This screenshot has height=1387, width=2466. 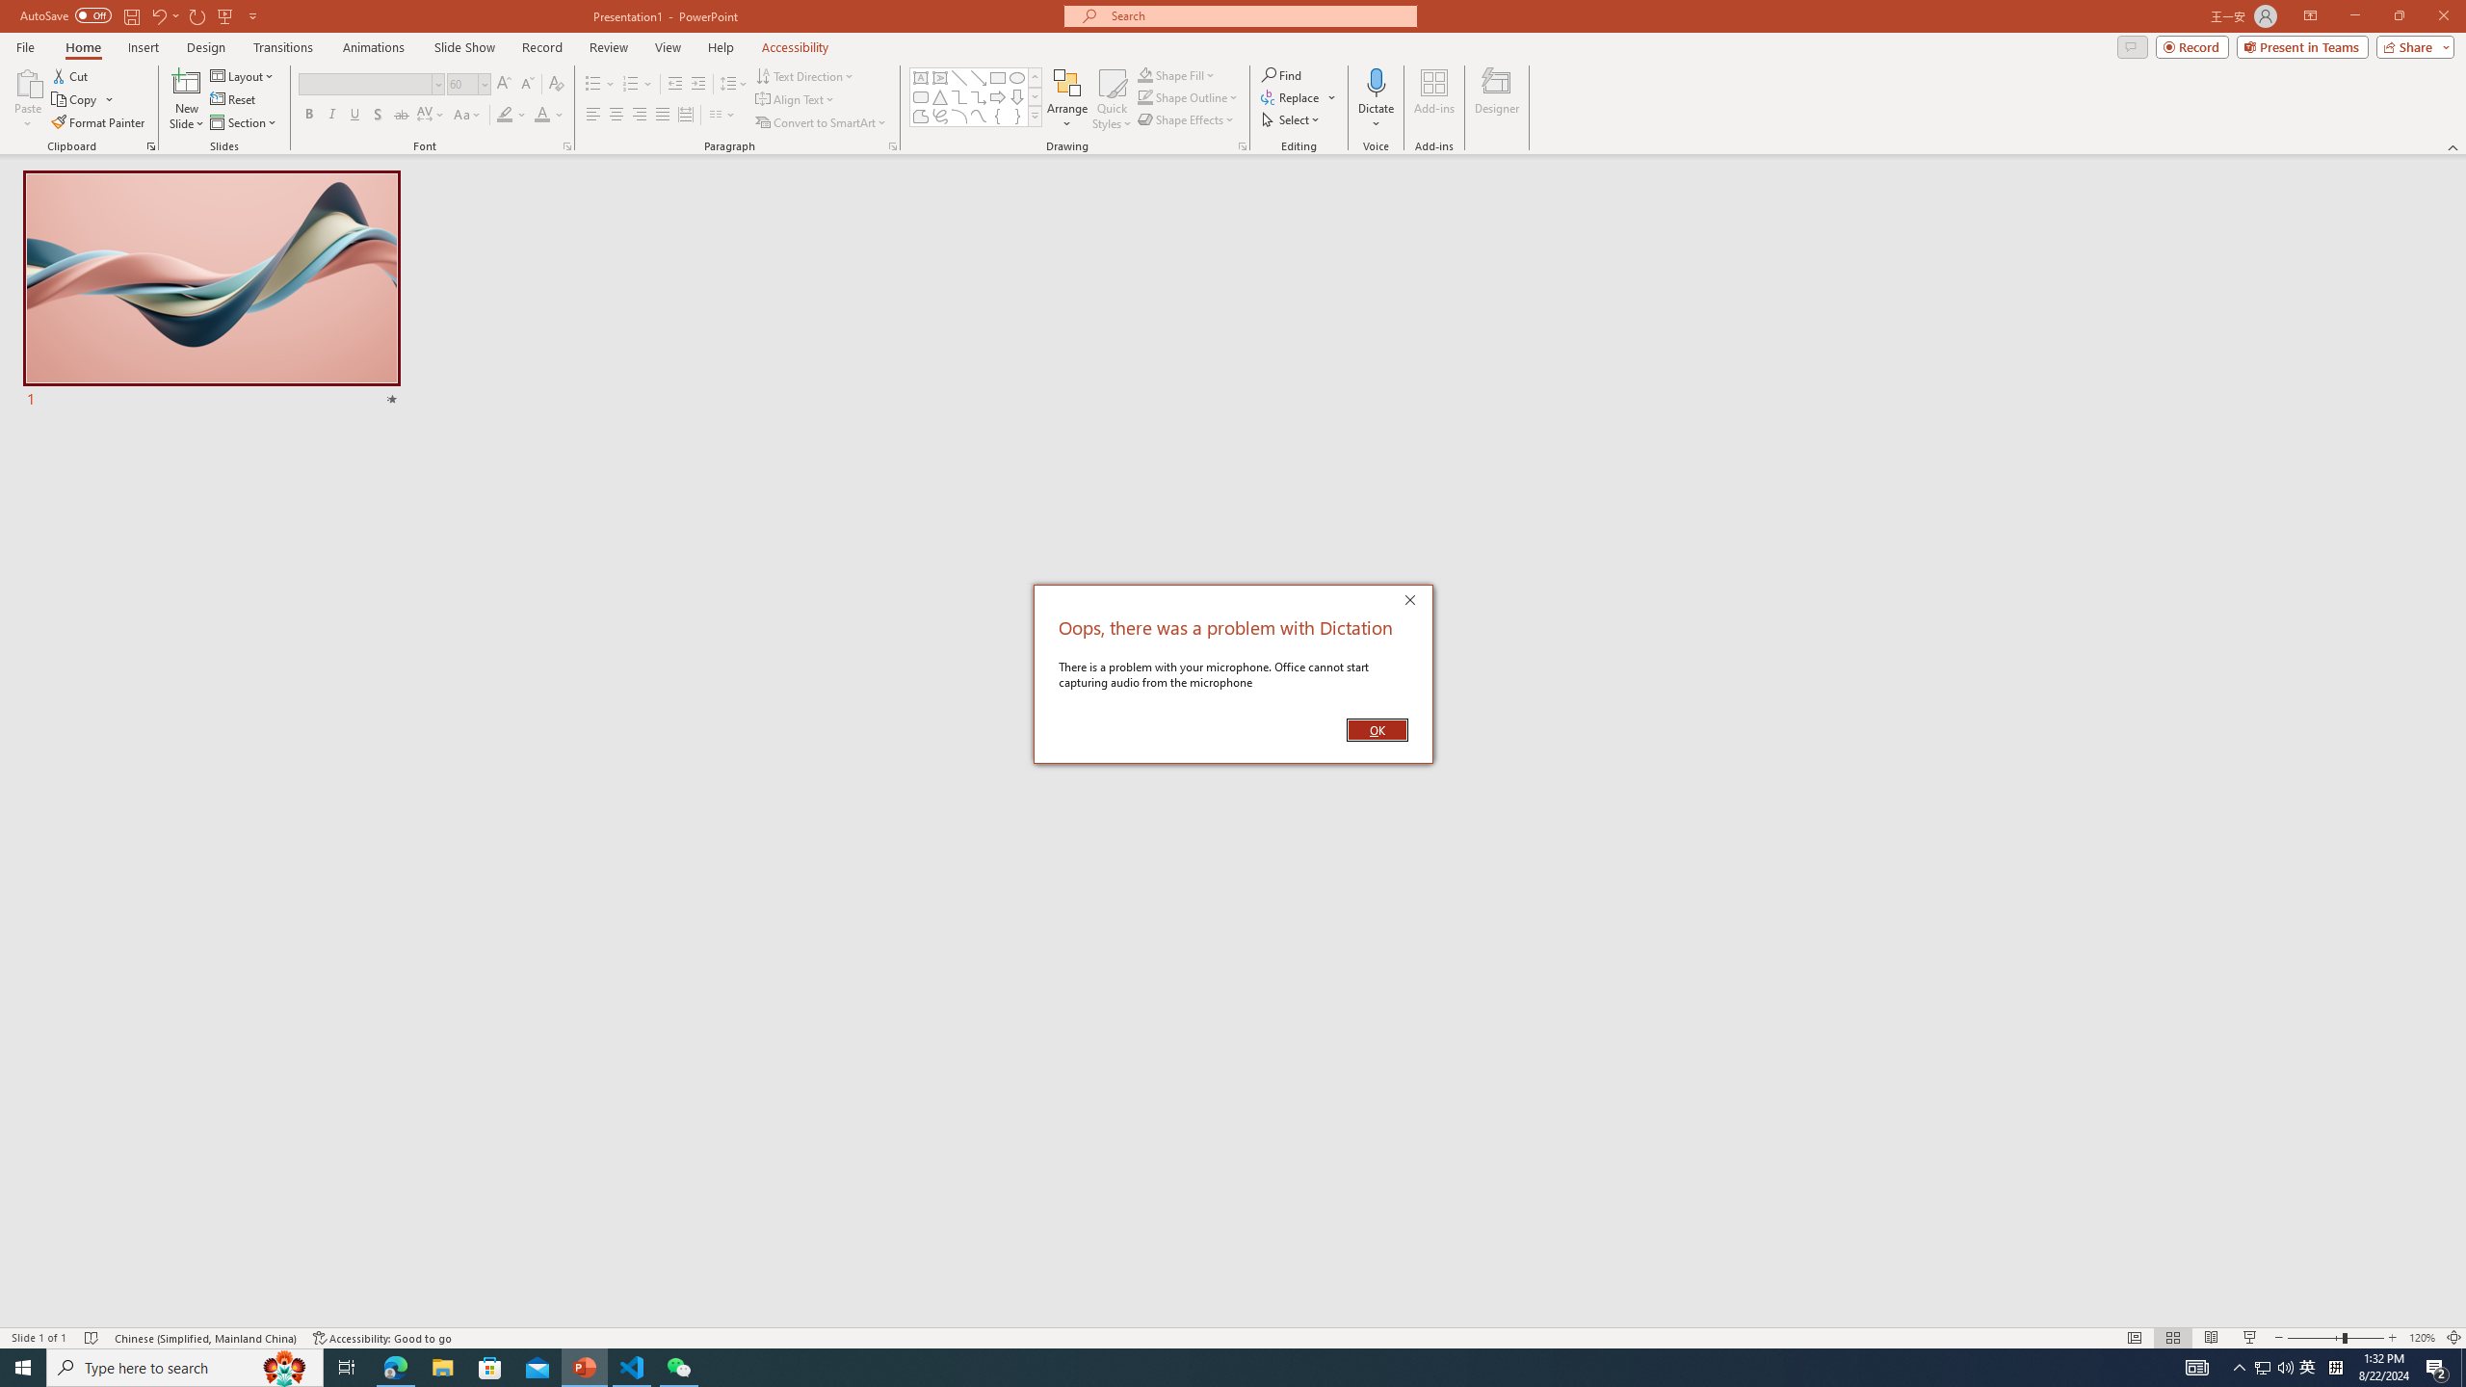 I want to click on 'File Explorer', so click(x=441, y=1366).